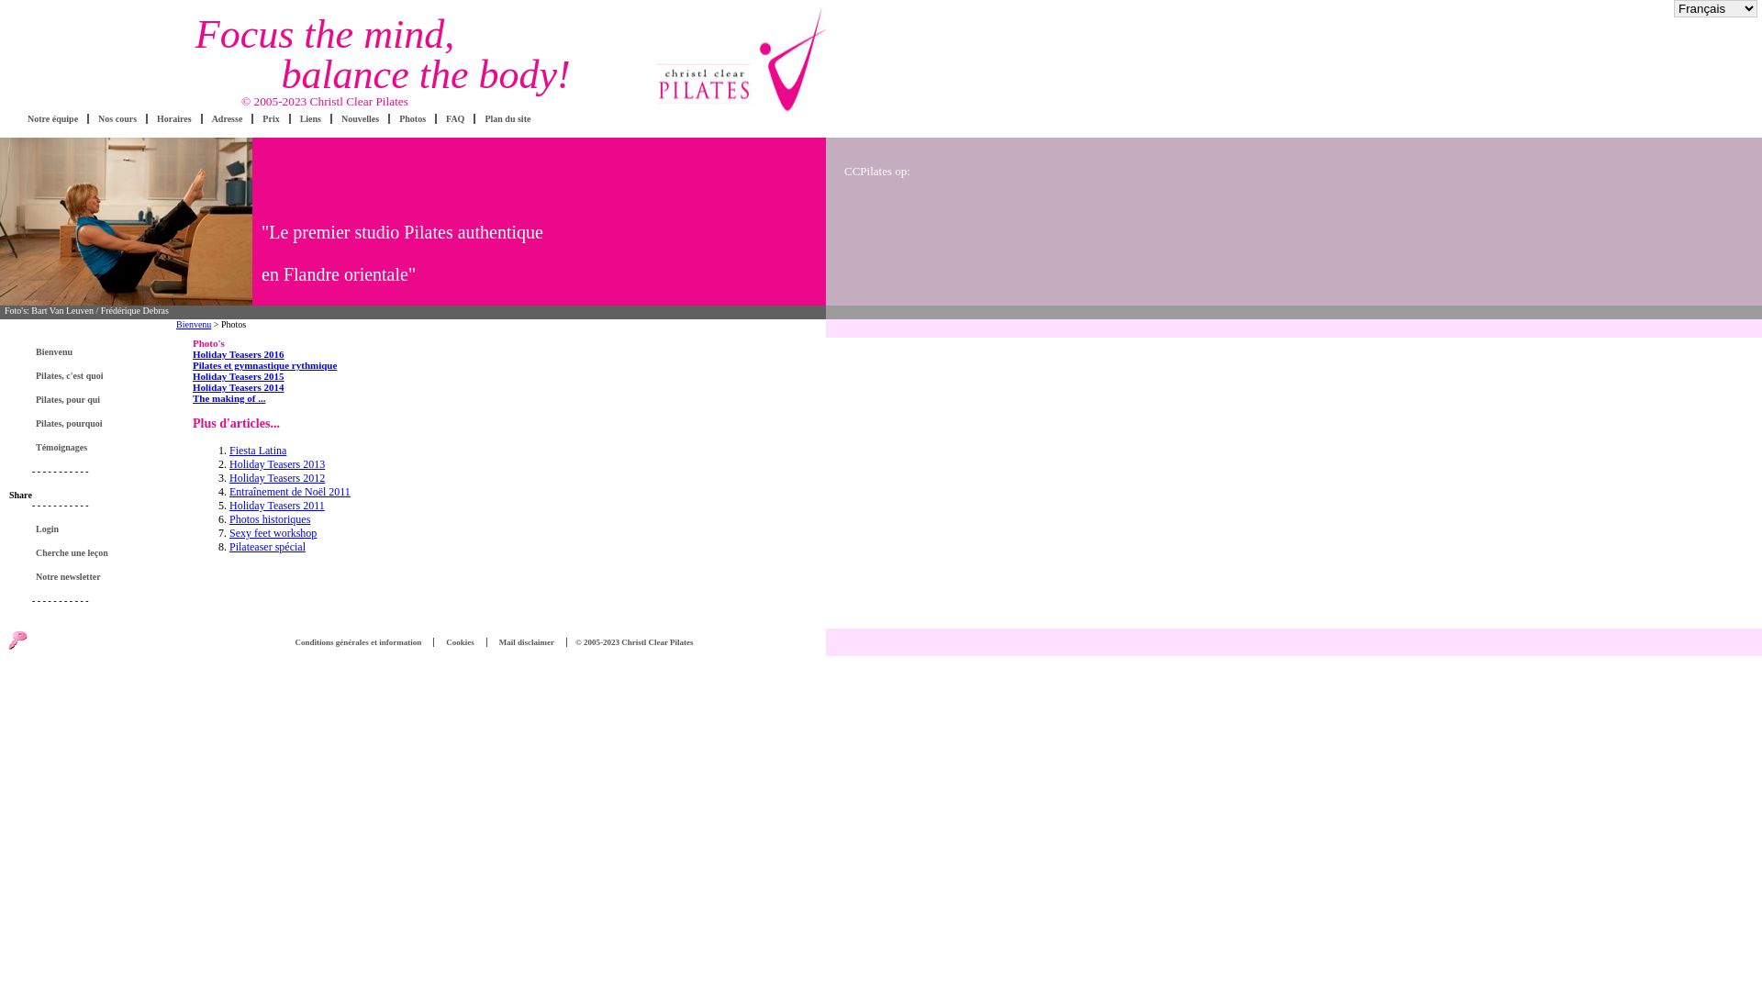 The height and width of the screenshot is (991, 1762). What do you see at coordinates (193, 374) in the screenshot?
I see `'Holiday Teasers 2015'` at bounding box center [193, 374].